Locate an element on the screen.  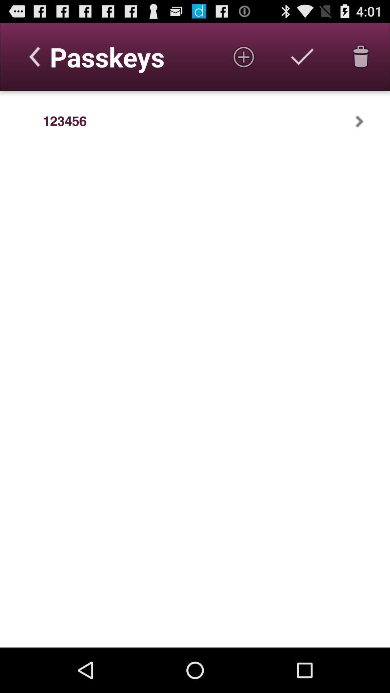
new is located at coordinates (244, 56).